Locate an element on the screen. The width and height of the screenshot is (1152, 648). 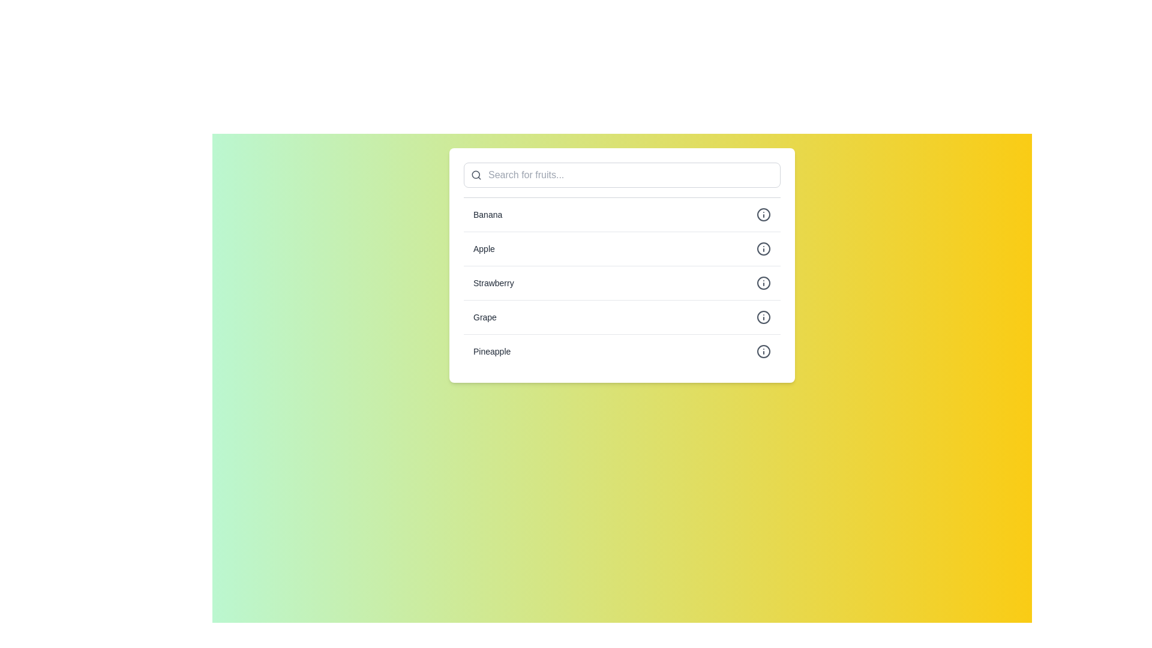
the text label displaying the word 'Banana', which is the first item in a vertical list of fruit names and located below a search bar is located at coordinates (488, 214).